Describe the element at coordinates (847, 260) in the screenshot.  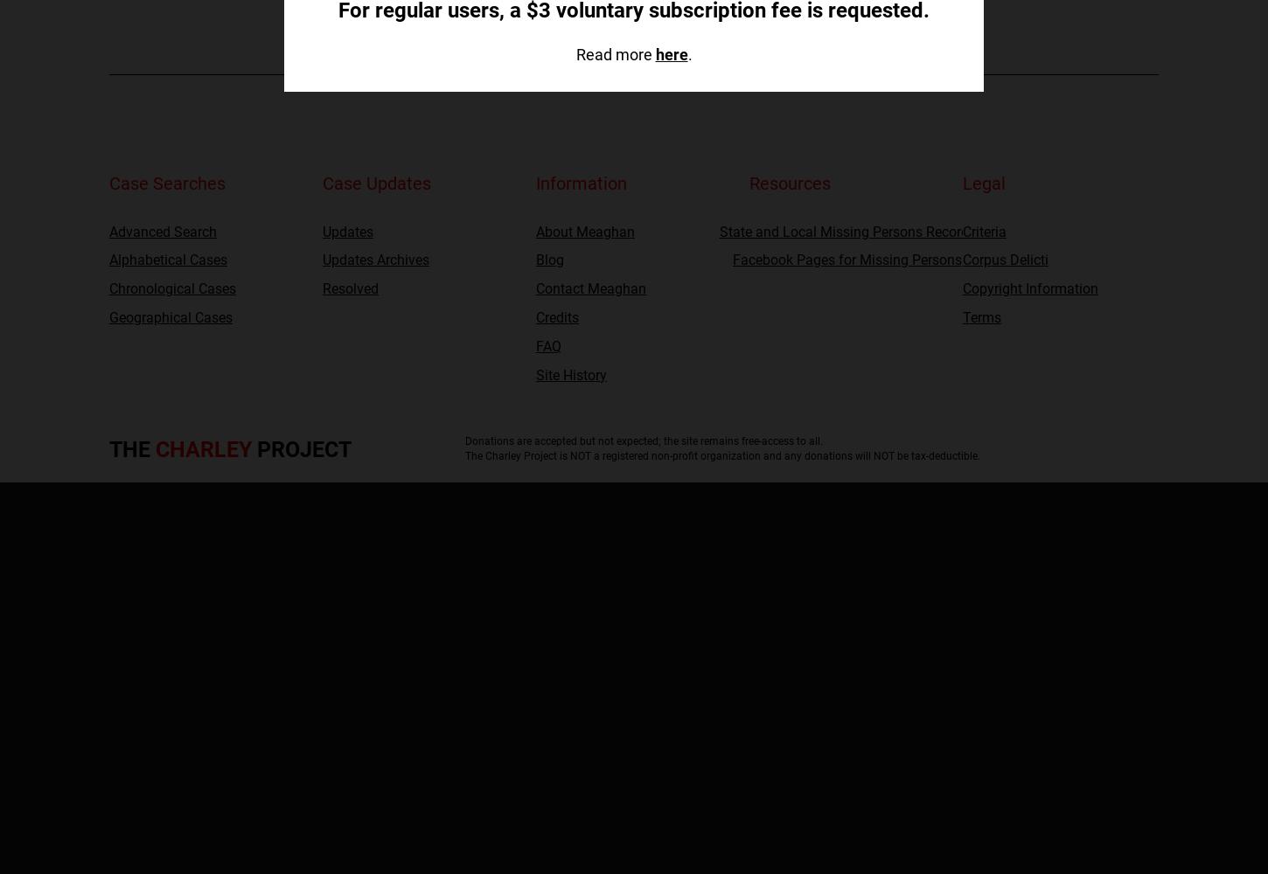
I see `'Facebook Pages for Missing Persons'` at that location.